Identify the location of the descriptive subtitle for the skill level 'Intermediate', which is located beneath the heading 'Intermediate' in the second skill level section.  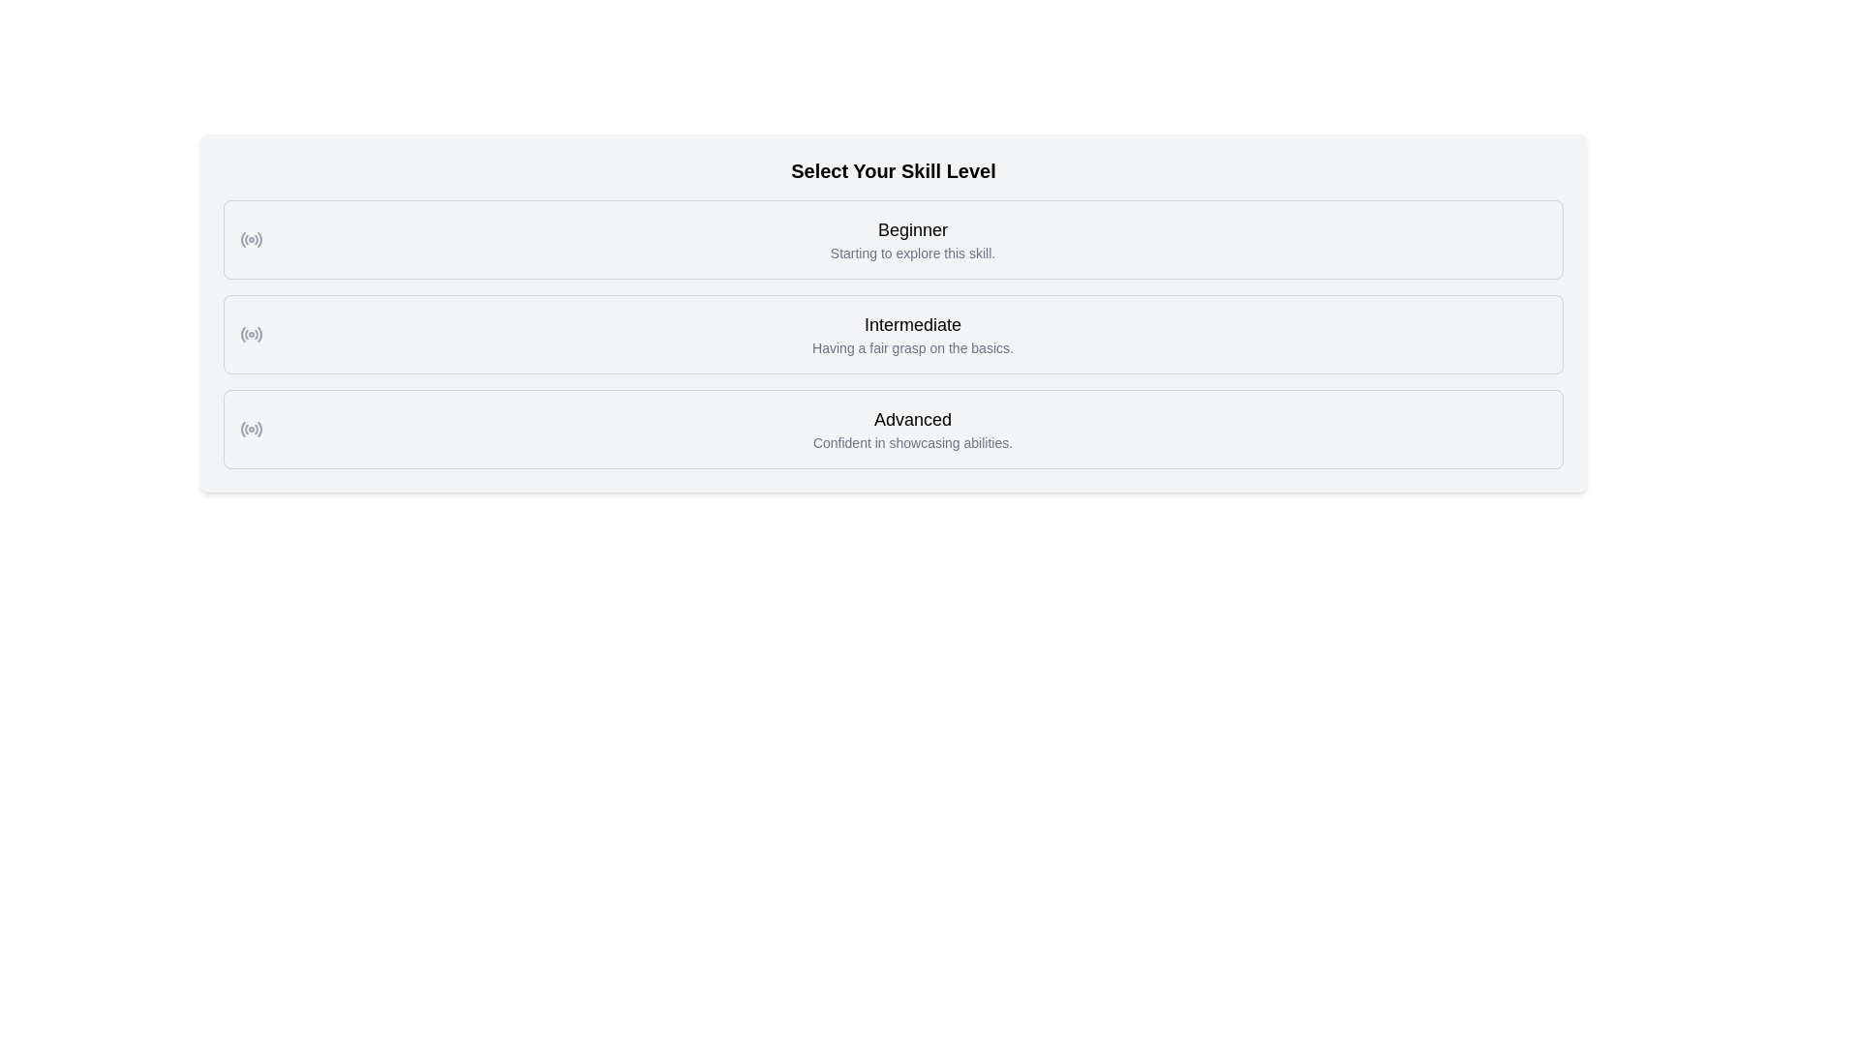
(911, 346).